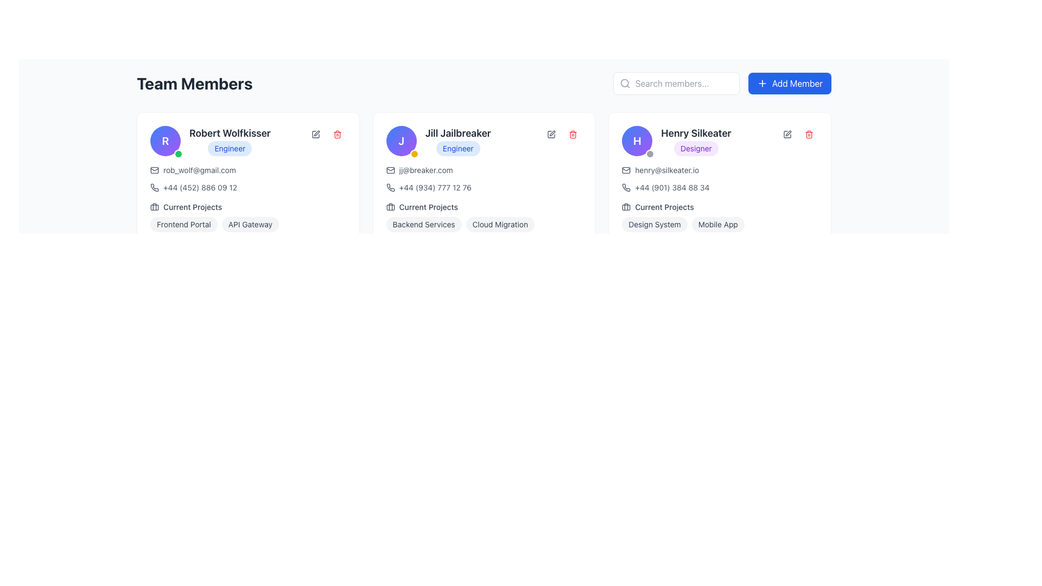 The image size is (1042, 586). What do you see at coordinates (484, 170) in the screenshot?
I see `the text link displaying the user's email address for 'Jill Jailbreaker'` at bounding box center [484, 170].